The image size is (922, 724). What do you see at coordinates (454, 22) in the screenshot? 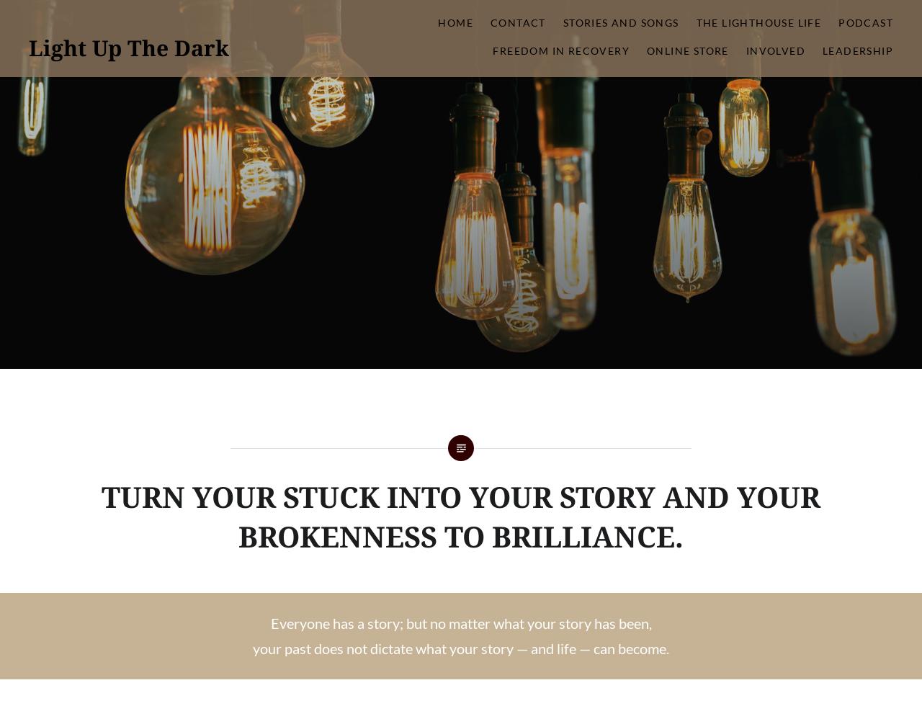
I see `'Home'` at bounding box center [454, 22].